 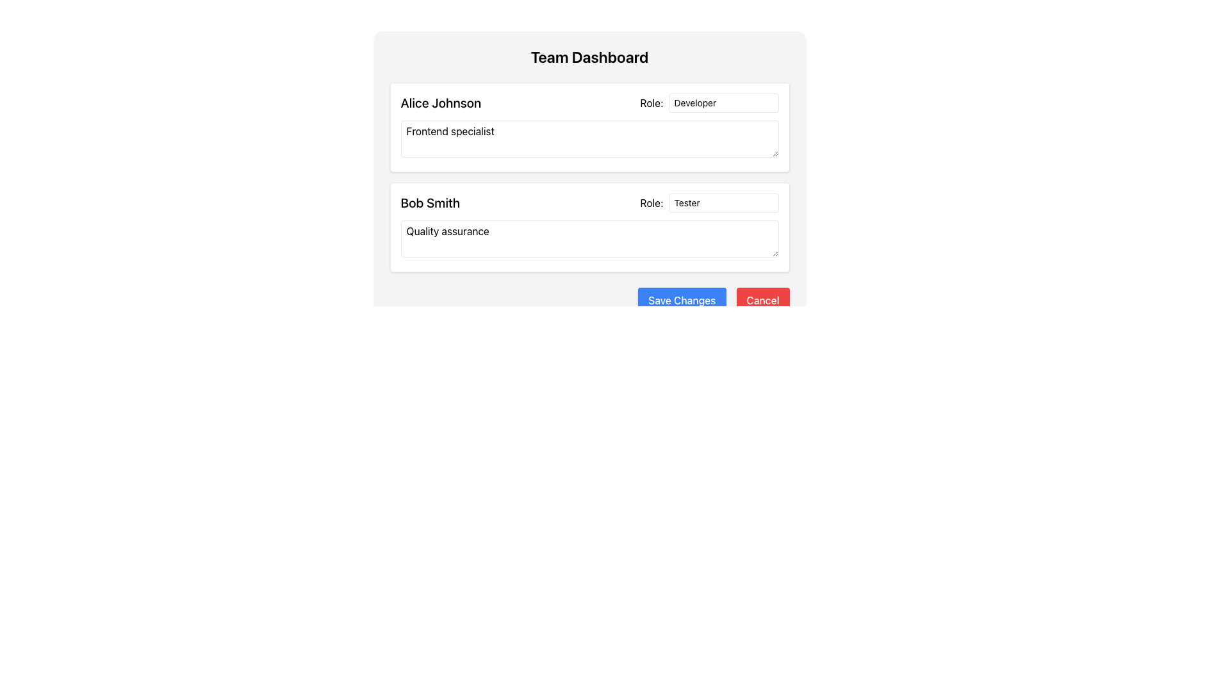 What do you see at coordinates (589, 128) in the screenshot?
I see `the Profile Card for 'Alice Johnson', which has a white background and shadow effect` at bounding box center [589, 128].